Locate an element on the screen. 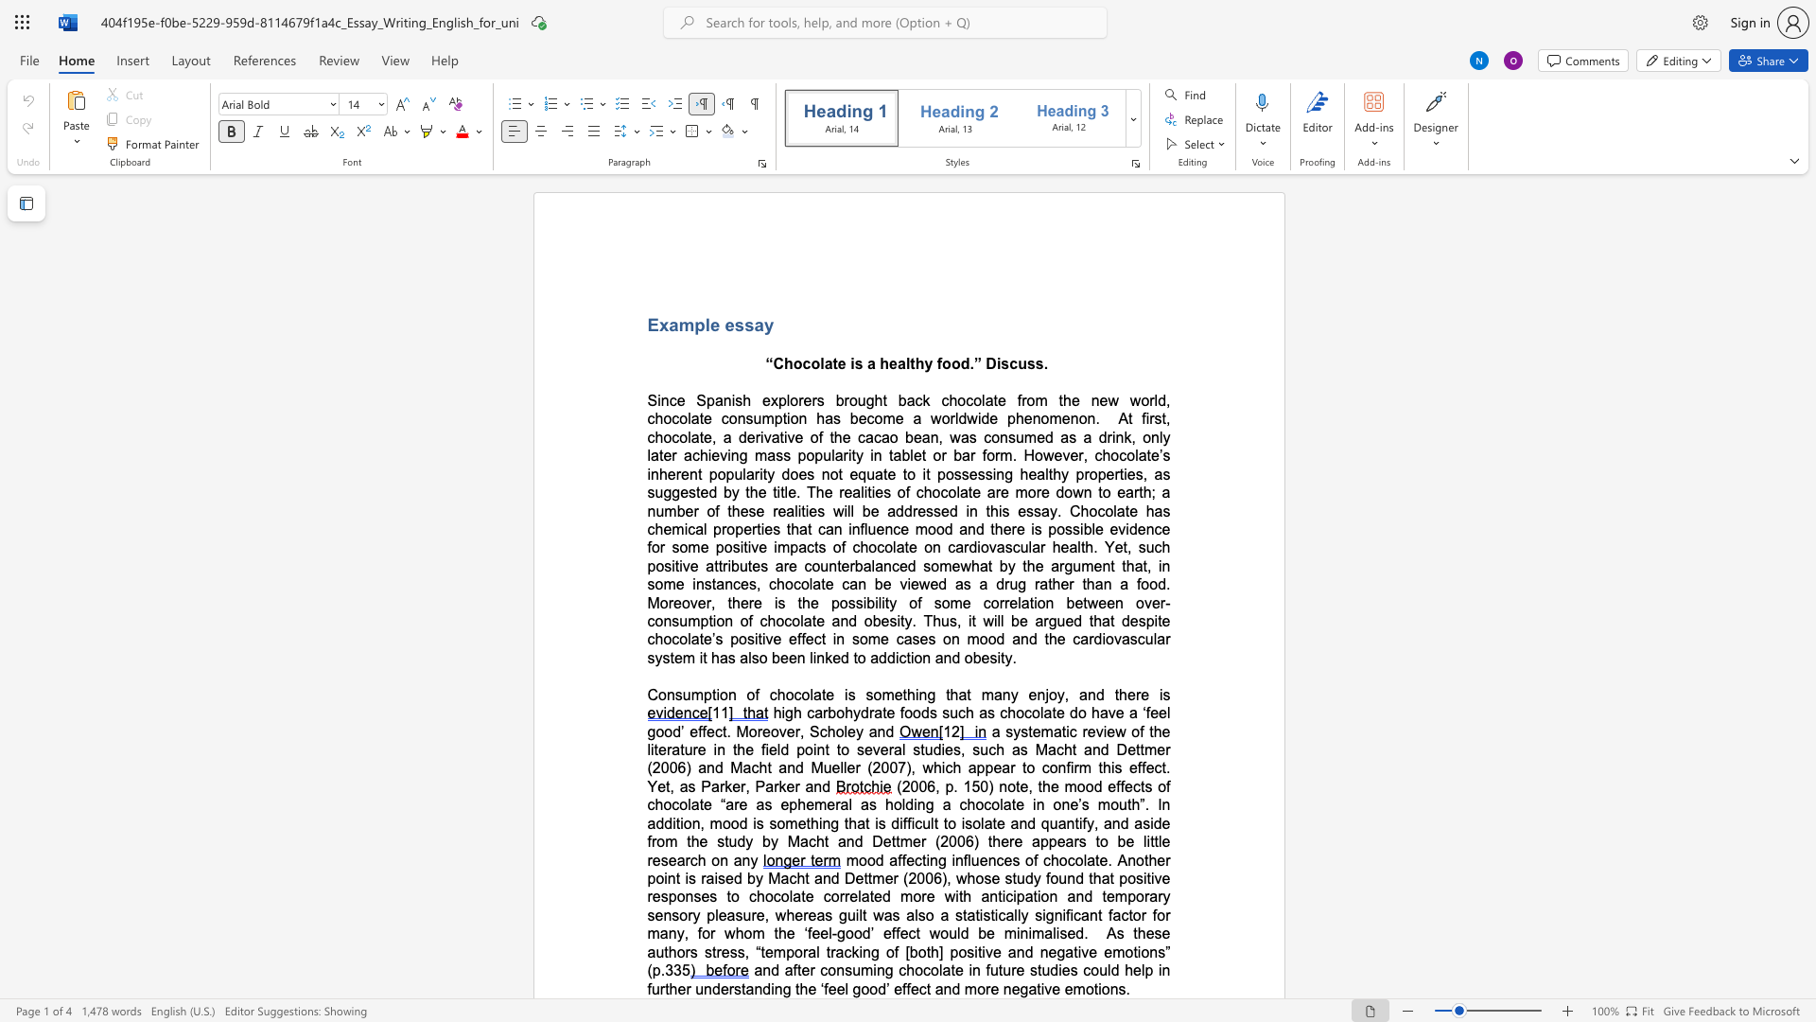 This screenshot has height=1022, width=1816. the subset text ", as Park" within the text "this effect. Yet, as Parker, Parker and" is located at coordinates (670, 786).